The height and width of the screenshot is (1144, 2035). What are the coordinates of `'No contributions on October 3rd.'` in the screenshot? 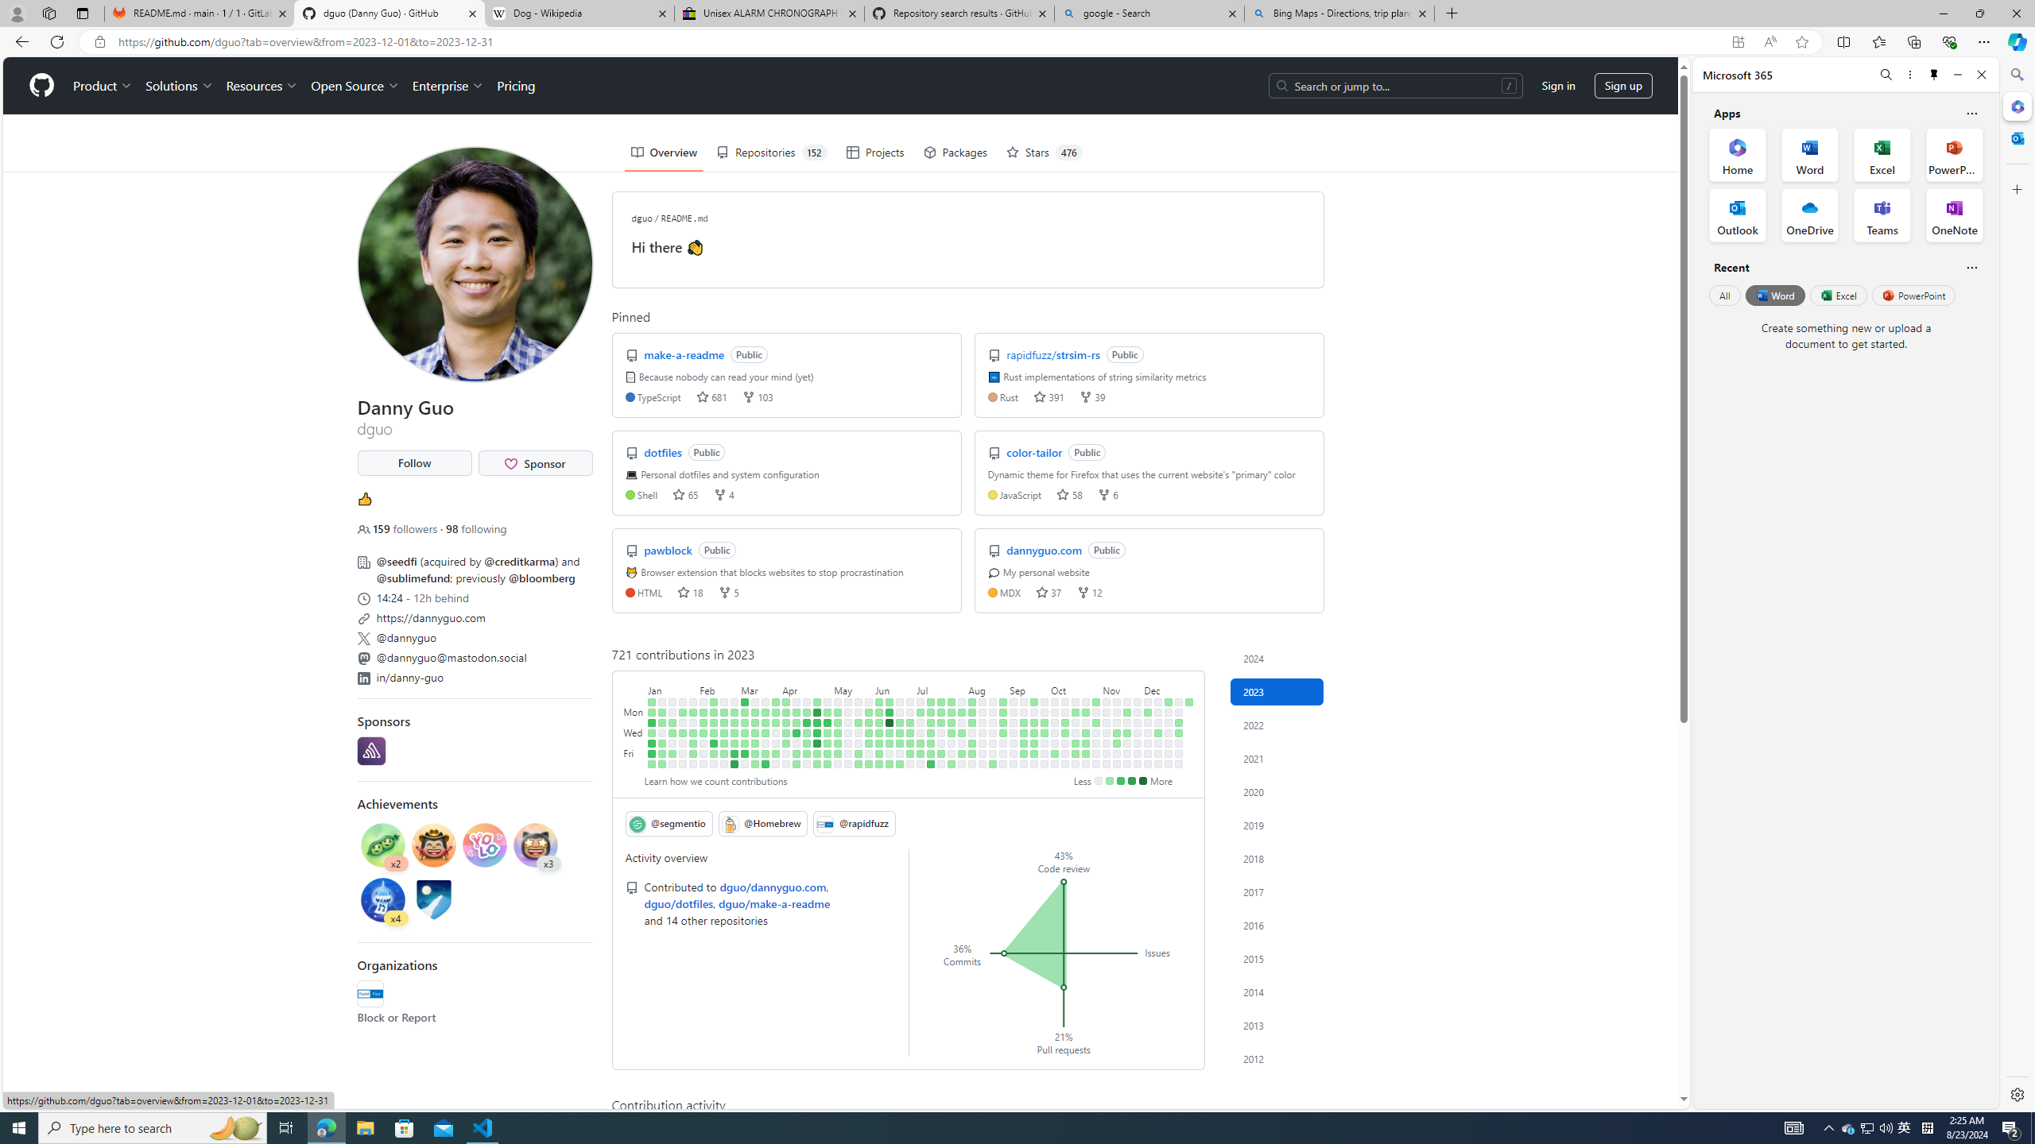 It's located at (1054, 721).